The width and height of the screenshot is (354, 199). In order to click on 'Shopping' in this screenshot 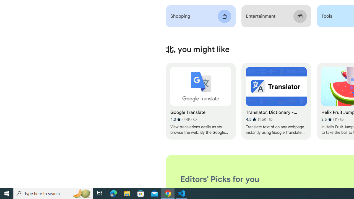, I will do `click(200, 16)`.